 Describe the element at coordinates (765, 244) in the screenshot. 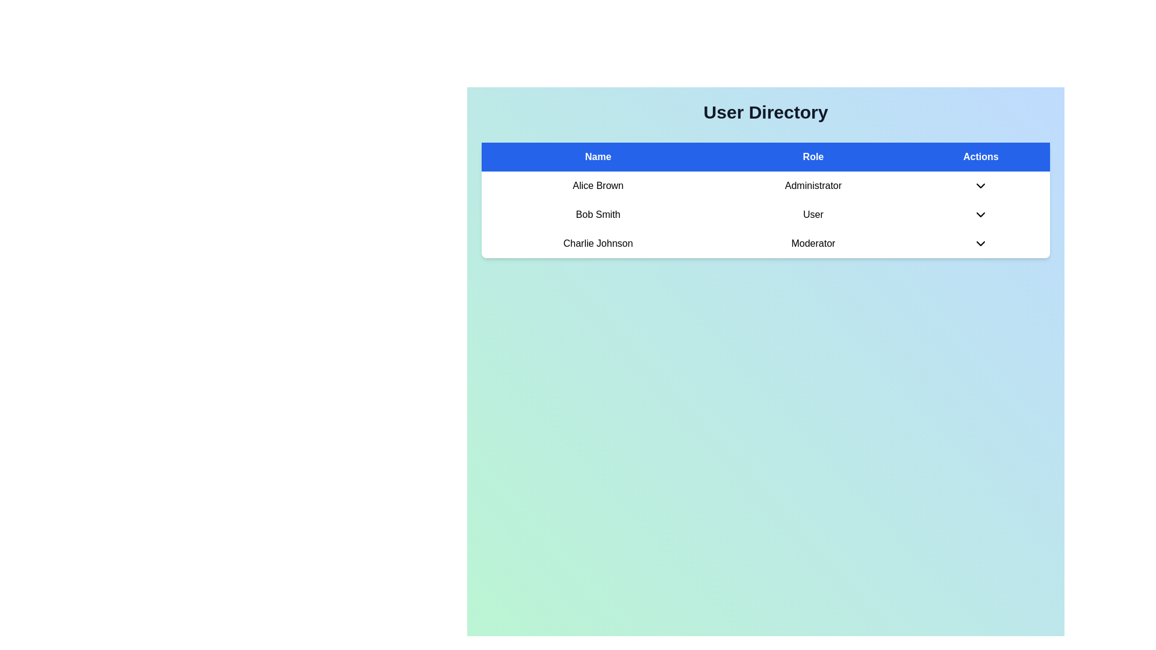

I see `the third row of the user directory table representing 'Charlie Johnson' to manage the user's profile` at that location.